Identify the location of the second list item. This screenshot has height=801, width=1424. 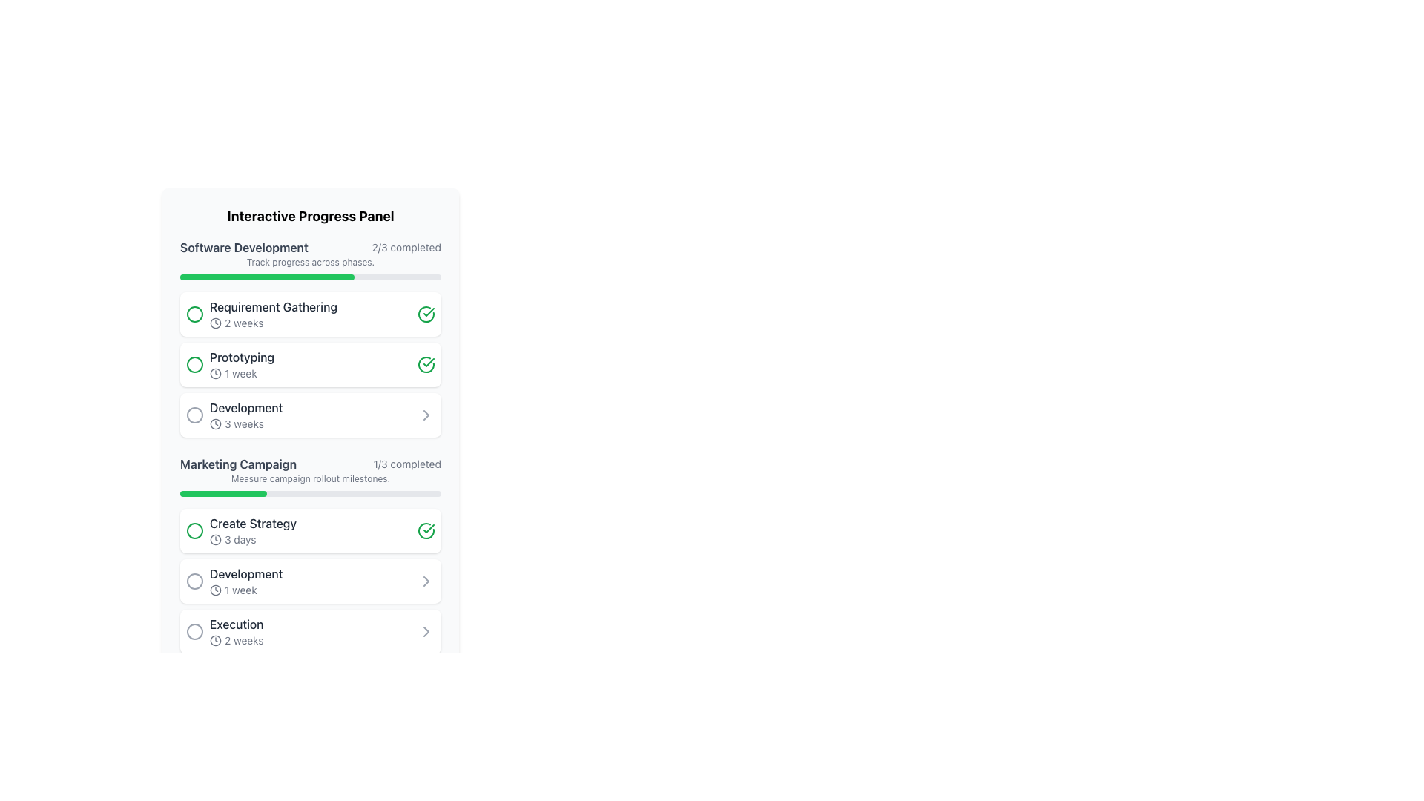
(309, 365).